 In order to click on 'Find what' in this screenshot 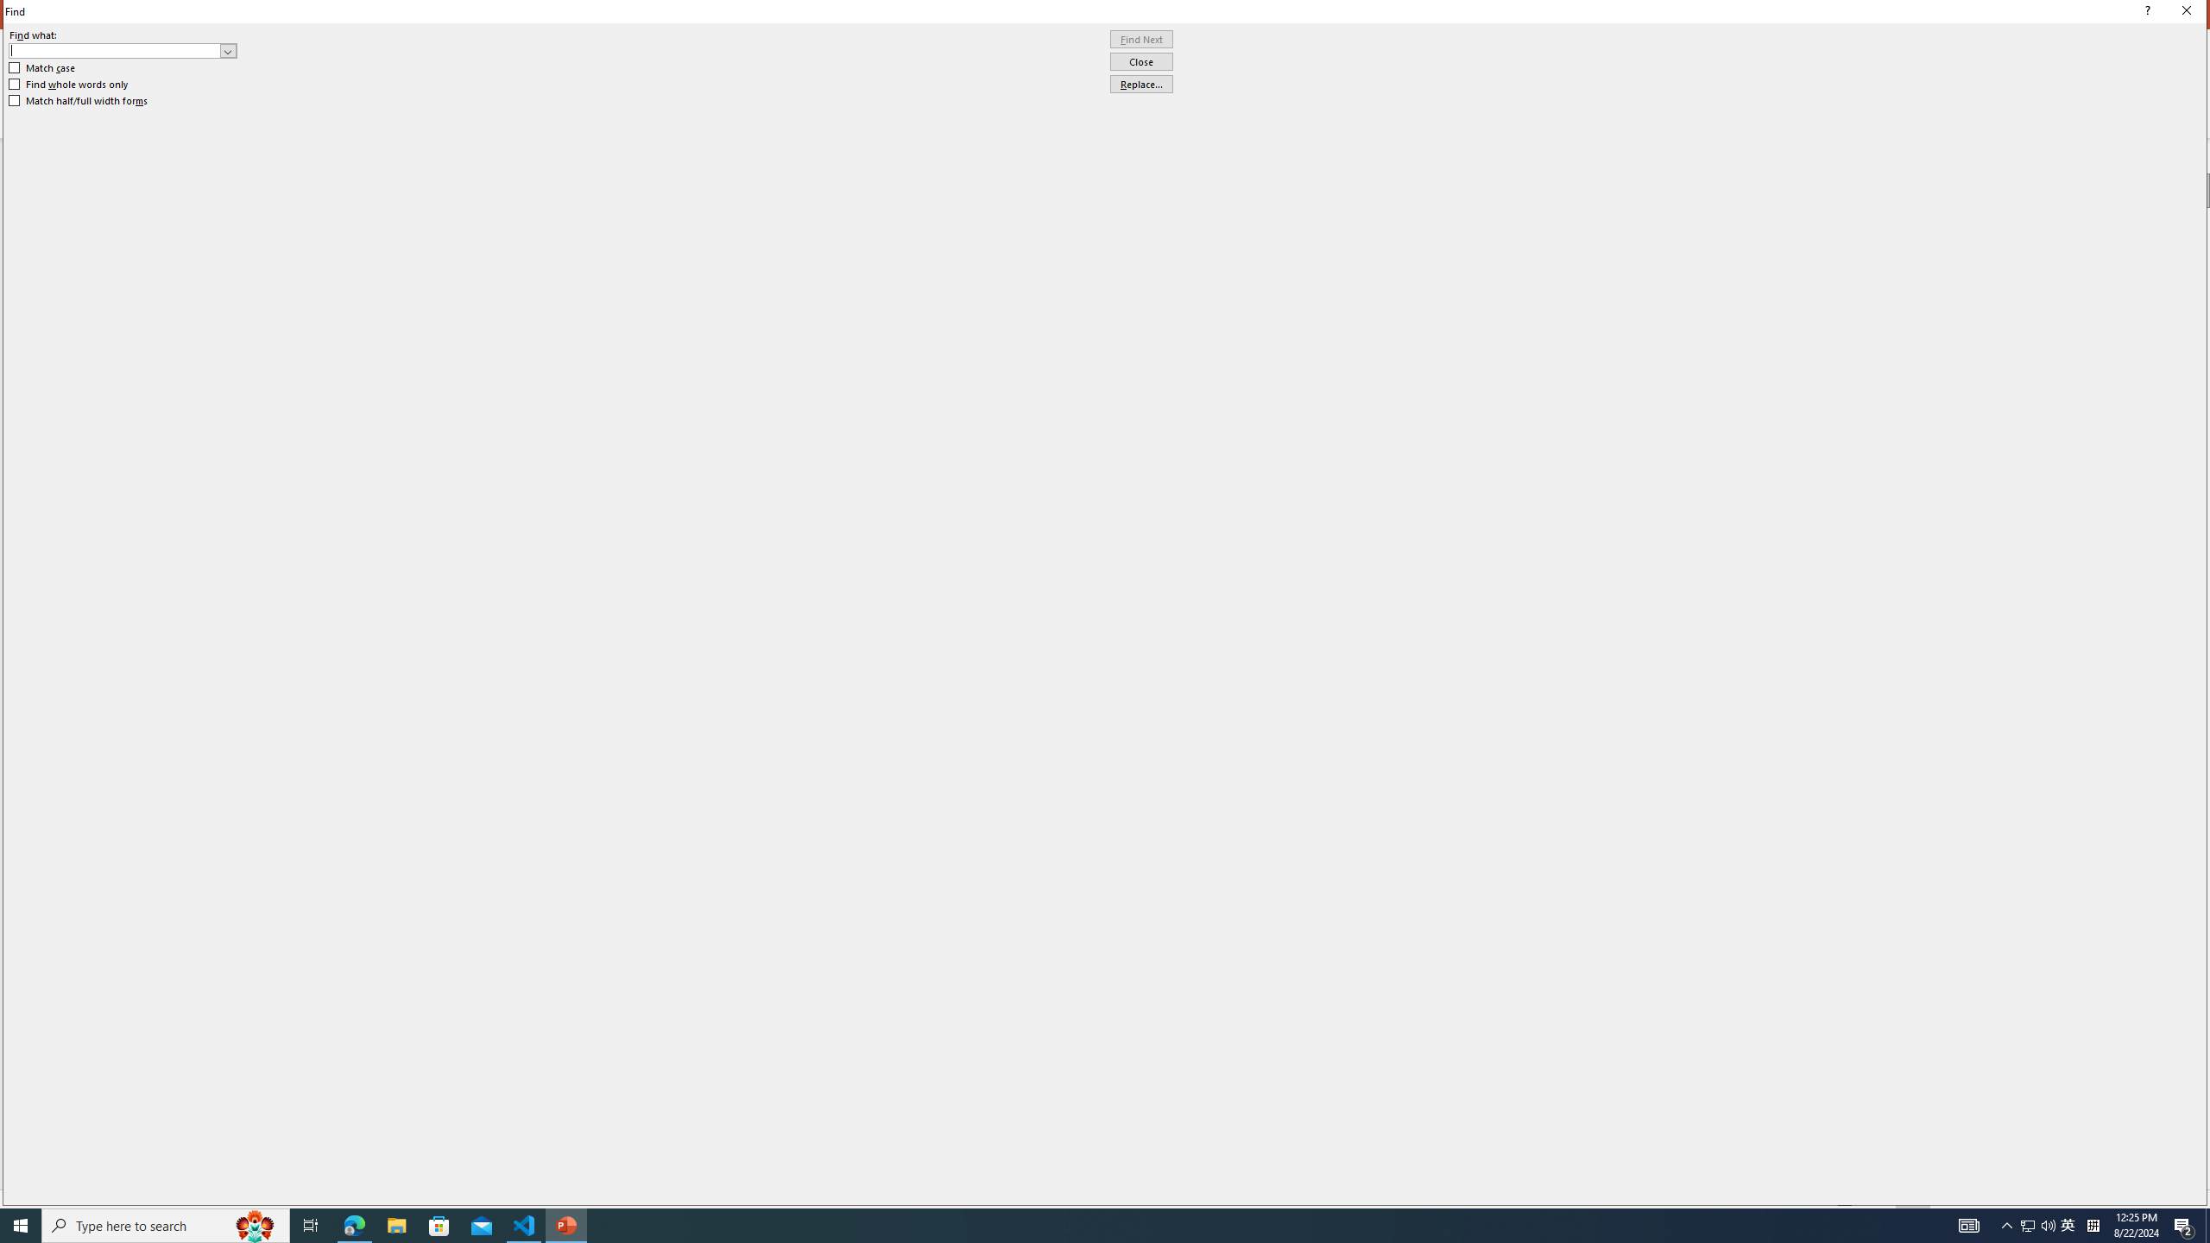, I will do `click(115, 50)`.